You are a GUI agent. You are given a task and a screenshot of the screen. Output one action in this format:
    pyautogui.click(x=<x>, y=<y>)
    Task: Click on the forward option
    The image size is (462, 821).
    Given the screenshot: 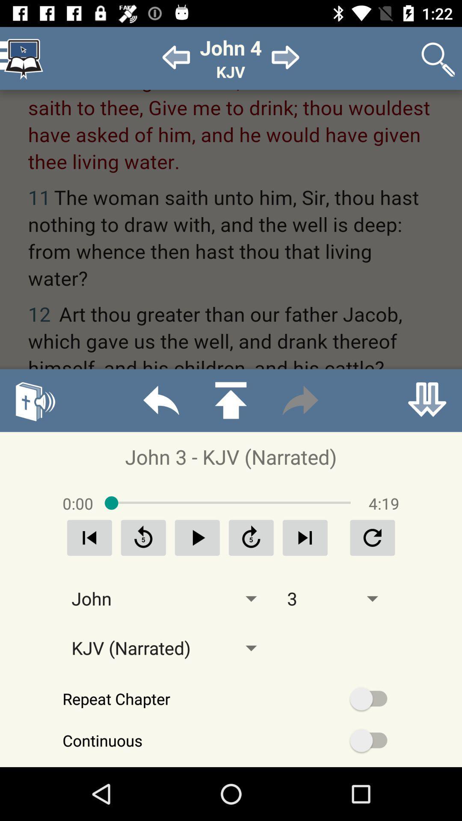 What is the action you would take?
    pyautogui.click(x=305, y=537)
    